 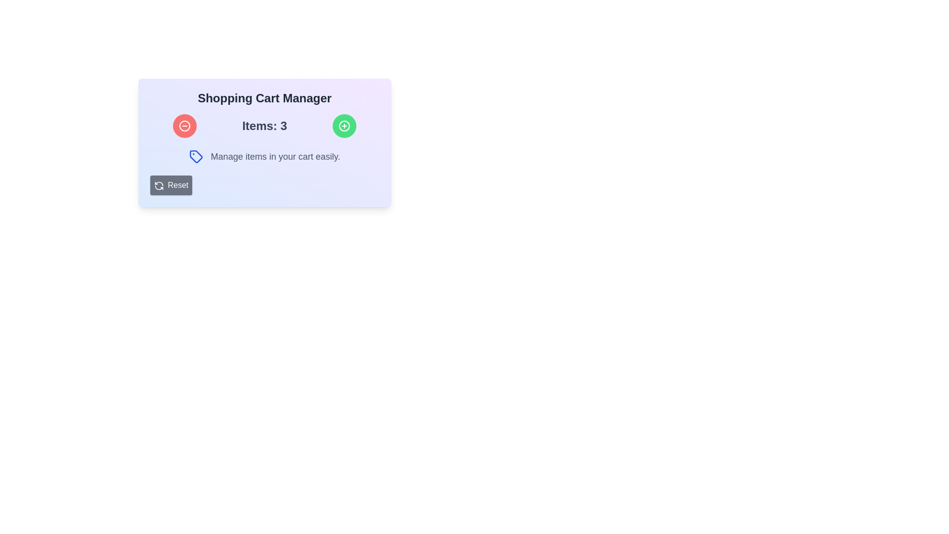 What do you see at coordinates (264, 98) in the screenshot?
I see `the 'Shopping Cart Manager' text header, which is prominently displayed in bold, large dark gray font at the center of the card section` at bounding box center [264, 98].